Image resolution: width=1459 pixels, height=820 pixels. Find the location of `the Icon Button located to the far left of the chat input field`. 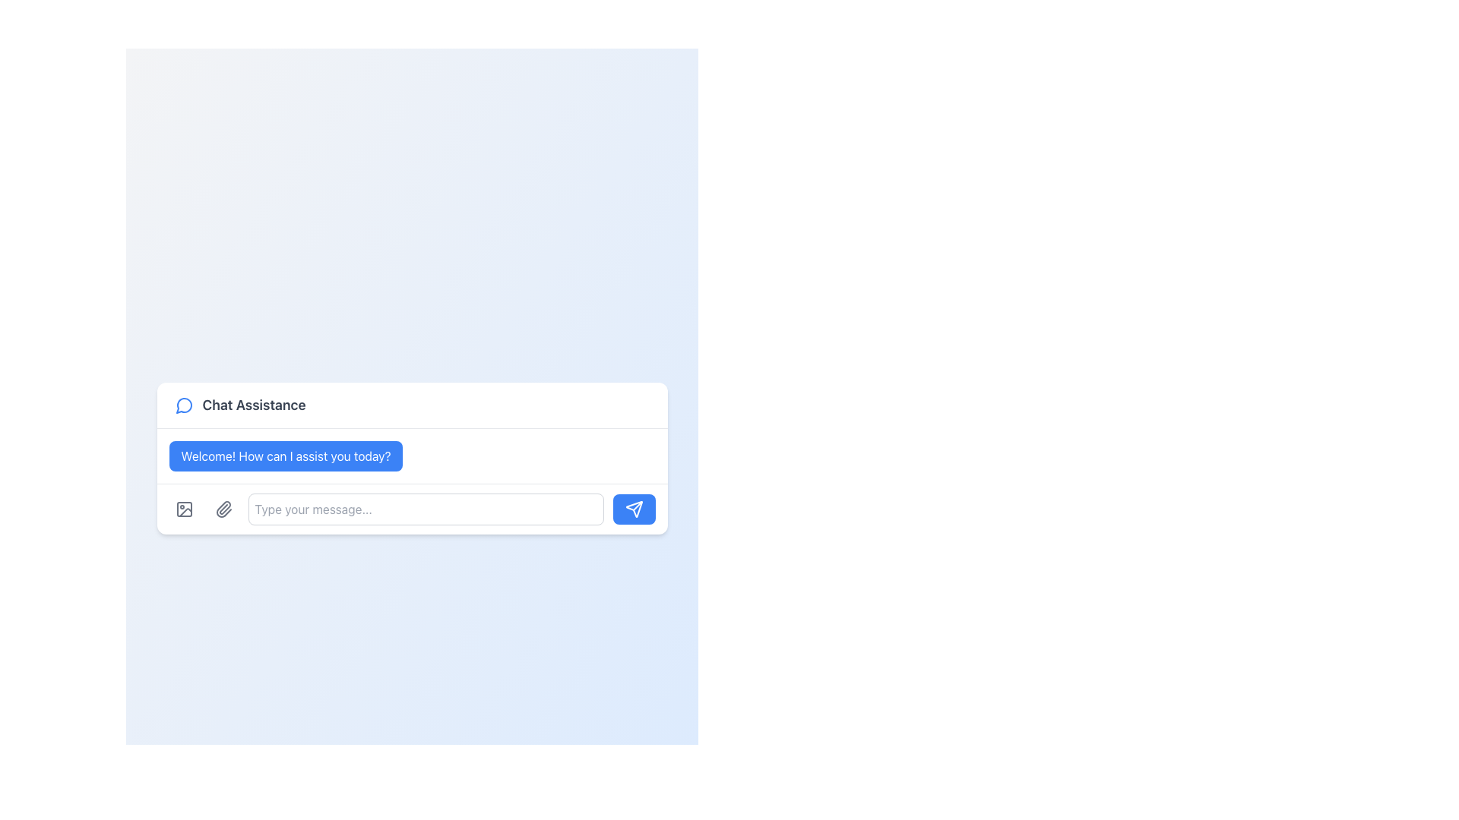

the Icon Button located to the far left of the chat input field is located at coordinates (183, 509).